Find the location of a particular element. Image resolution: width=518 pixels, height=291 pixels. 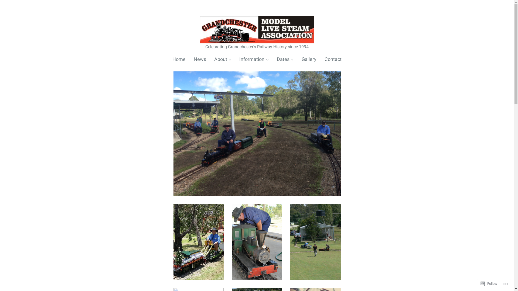

'About' is located at coordinates (220, 59).